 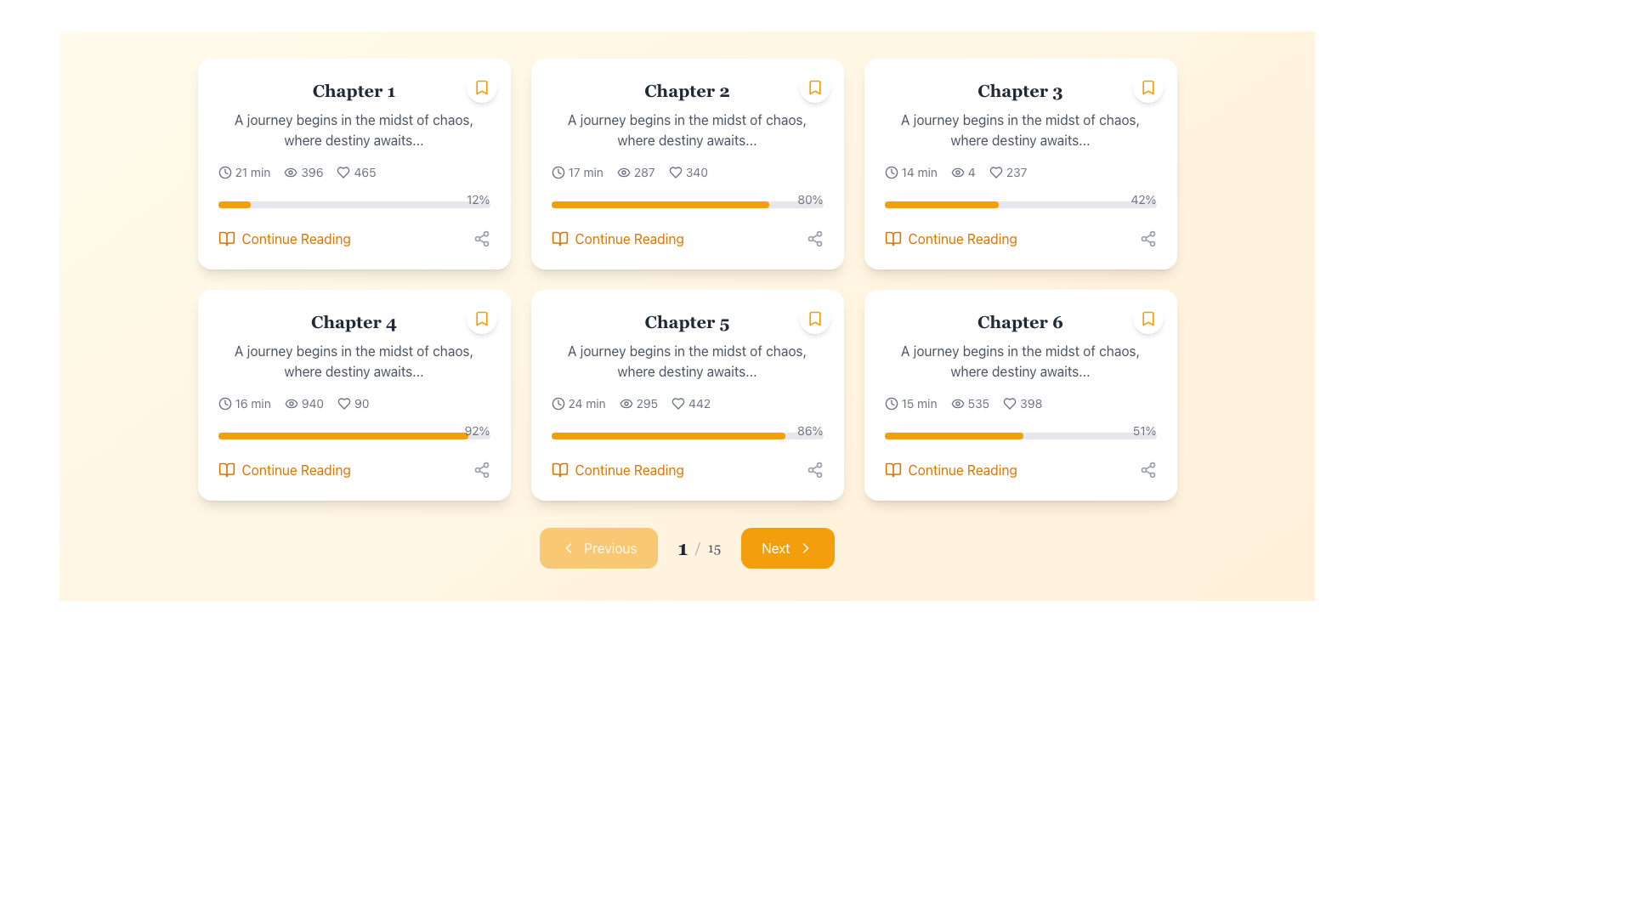 I want to click on the view count icon next to the '21 min' text and before the '465' likes number in the first card under 'Chapter 1', so click(x=303, y=173).